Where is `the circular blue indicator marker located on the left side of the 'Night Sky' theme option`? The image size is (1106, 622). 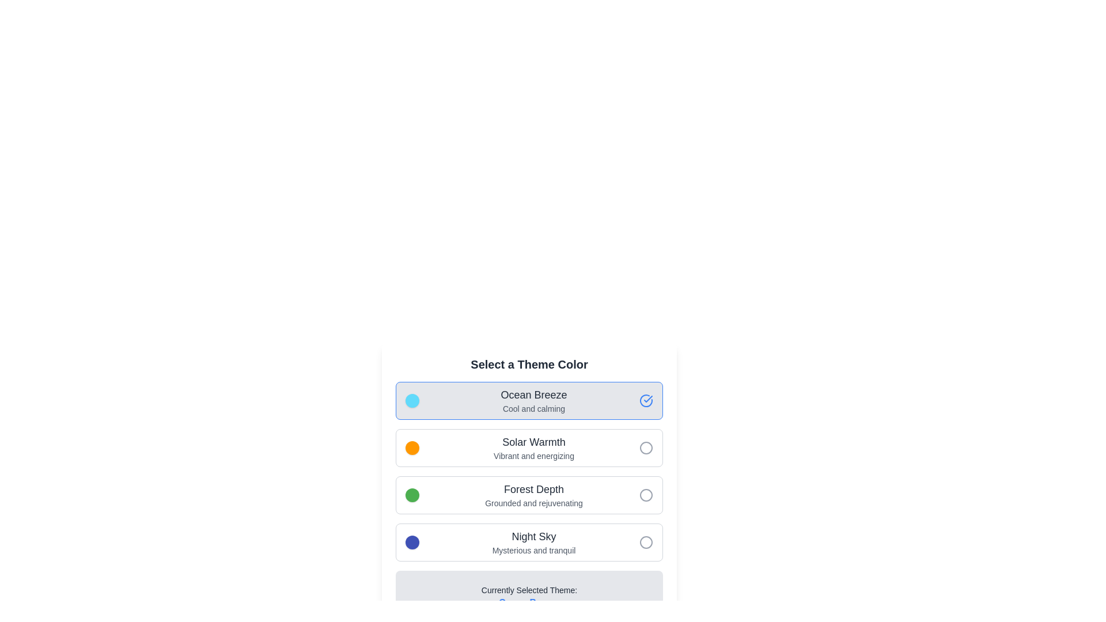 the circular blue indicator marker located on the left side of the 'Night Sky' theme option is located at coordinates (412, 542).